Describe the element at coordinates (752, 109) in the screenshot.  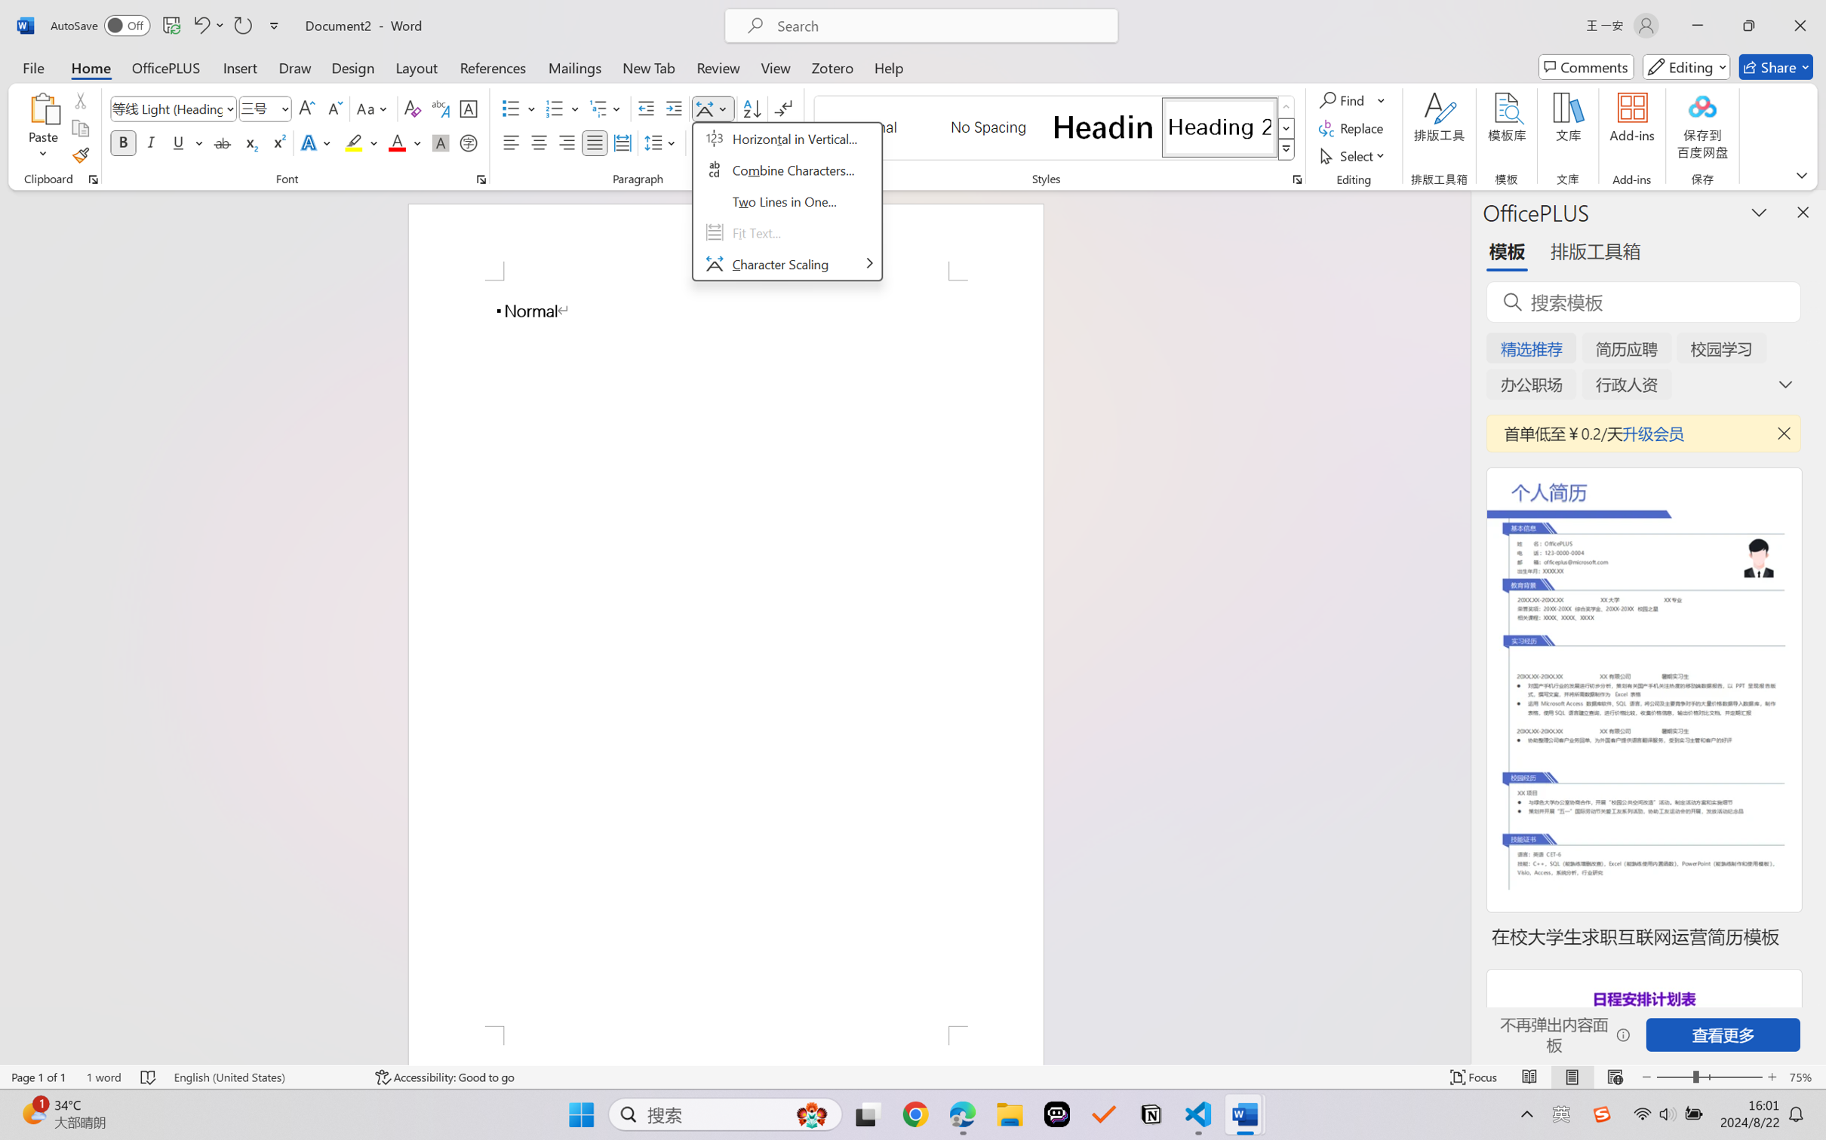
I see `'Sort...'` at that location.